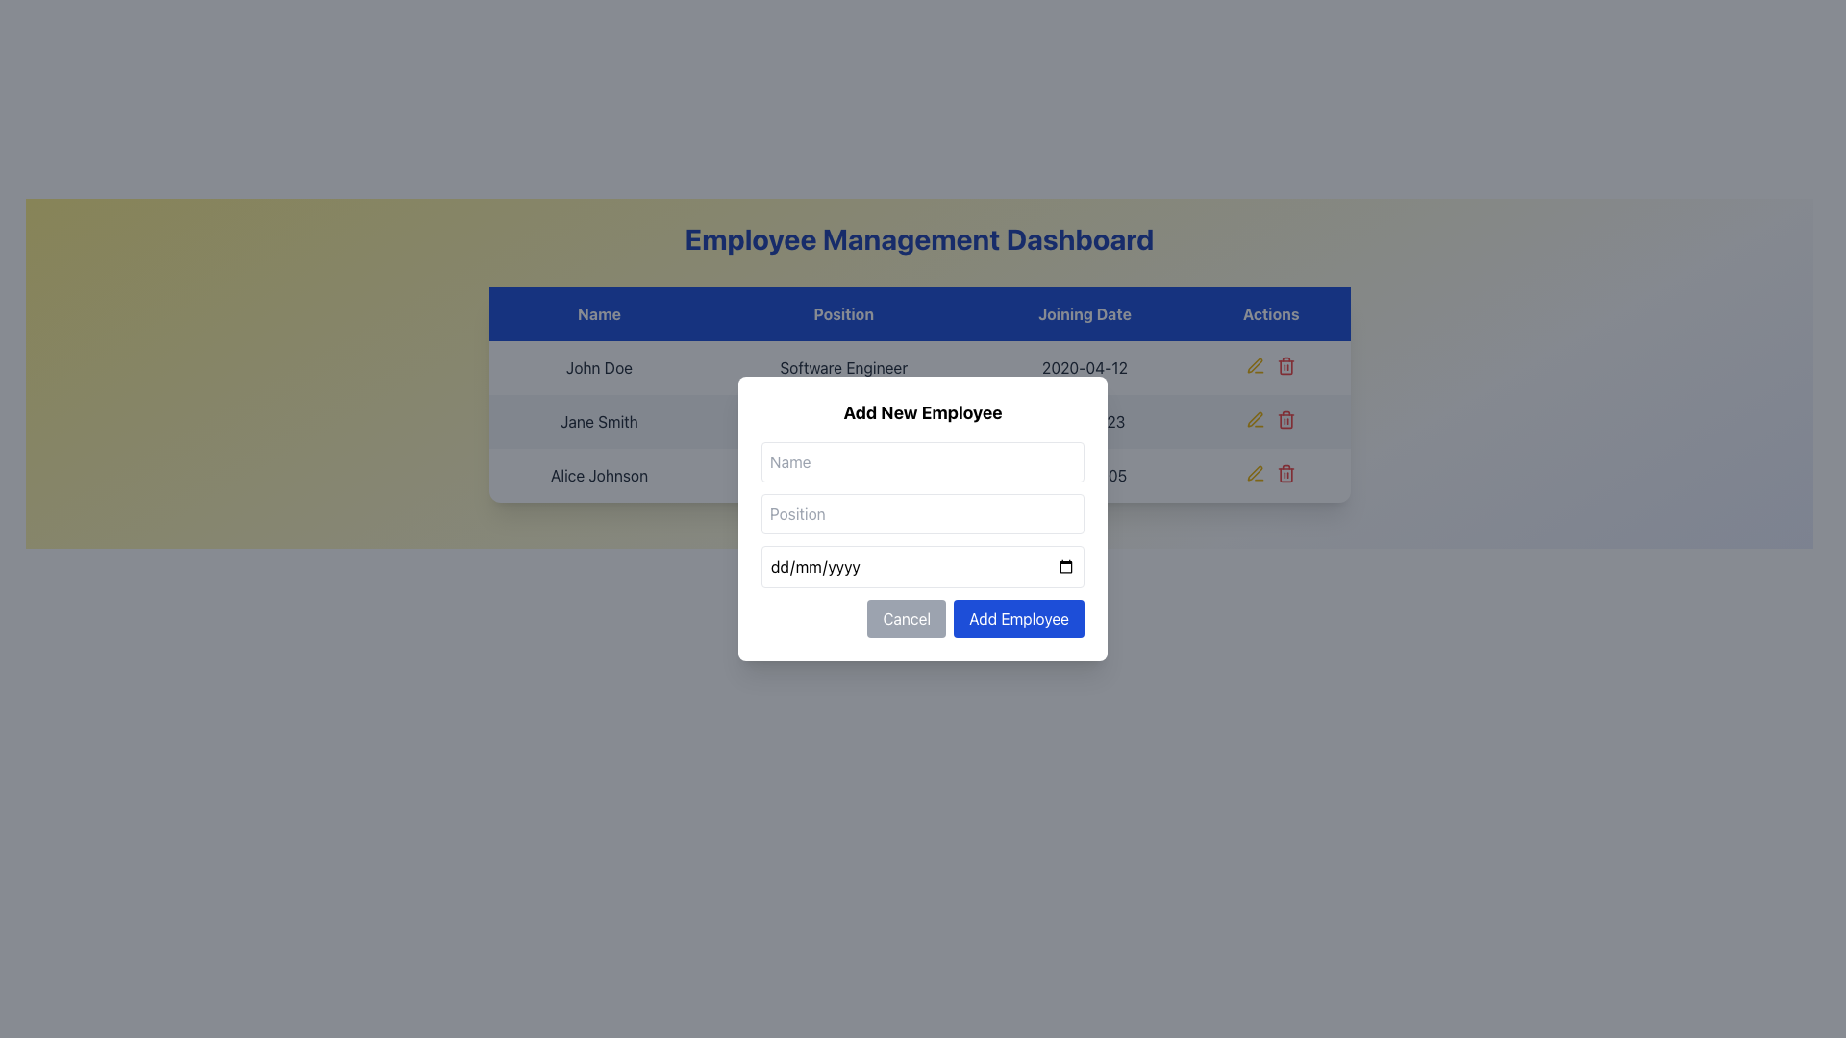 The width and height of the screenshot is (1846, 1038). Describe the element at coordinates (598, 475) in the screenshot. I see `the text label displaying 'Alice Johnson' in the employee table, located in the first cell of the row under the 'Name' column` at that location.